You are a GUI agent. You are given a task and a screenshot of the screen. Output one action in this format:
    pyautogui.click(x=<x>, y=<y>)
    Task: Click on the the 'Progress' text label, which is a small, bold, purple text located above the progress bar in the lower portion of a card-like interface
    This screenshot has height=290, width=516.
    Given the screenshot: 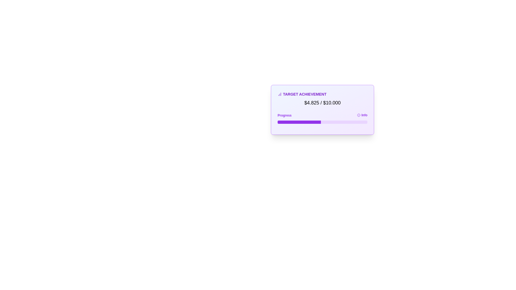 What is the action you would take?
    pyautogui.click(x=284, y=115)
    